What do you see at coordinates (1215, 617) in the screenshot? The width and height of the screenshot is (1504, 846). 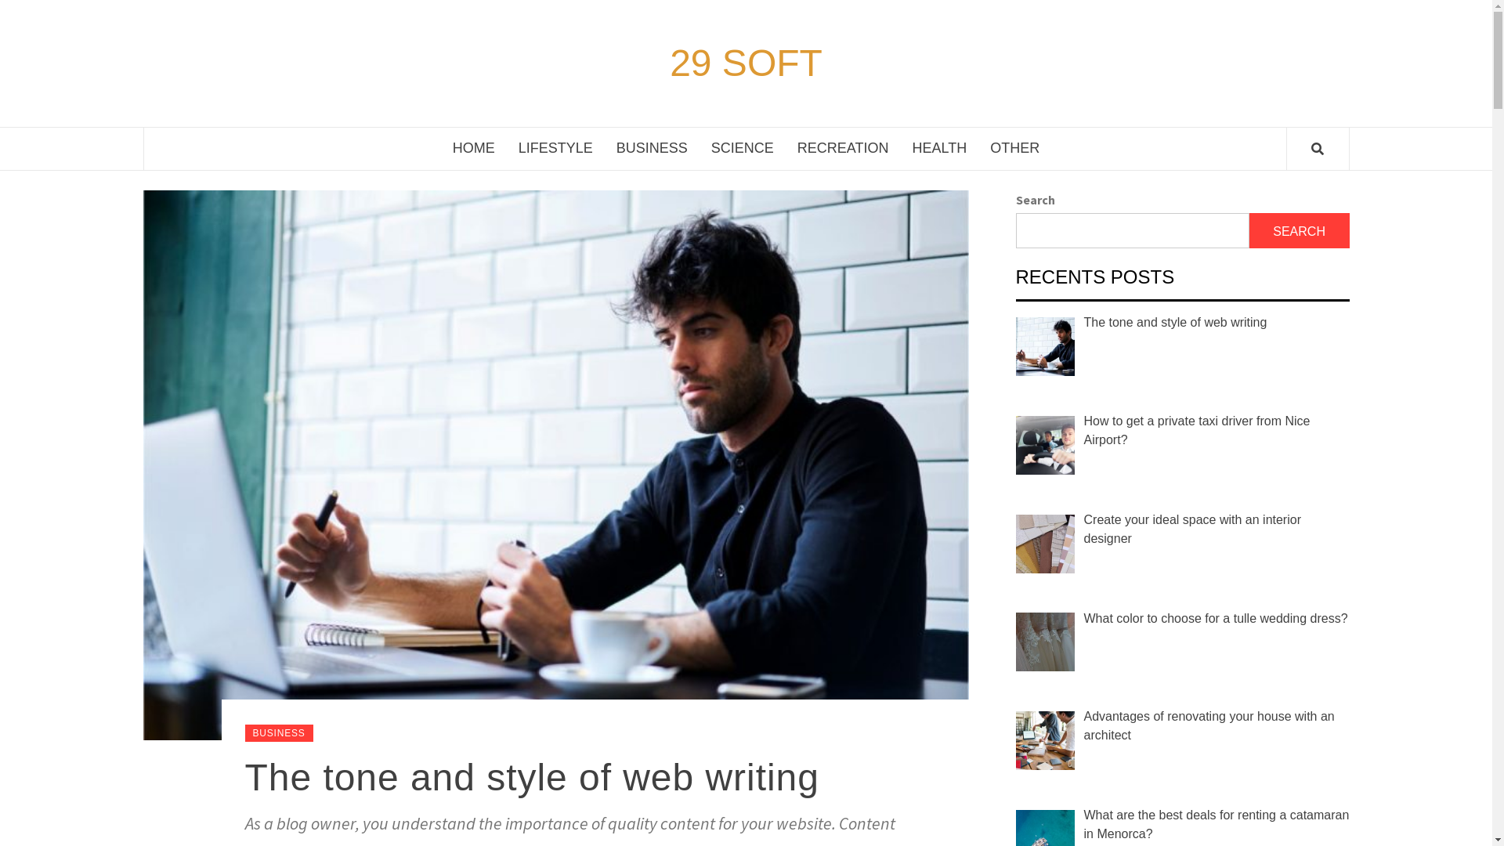 I see `'What color to choose for a tulle wedding dress?'` at bounding box center [1215, 617].